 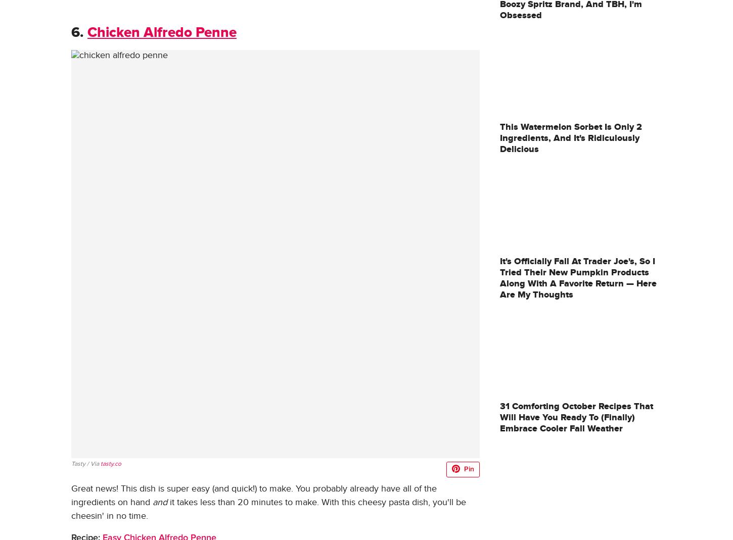 I want to click on 'Tasty / Via', so click(x=85, y=462).